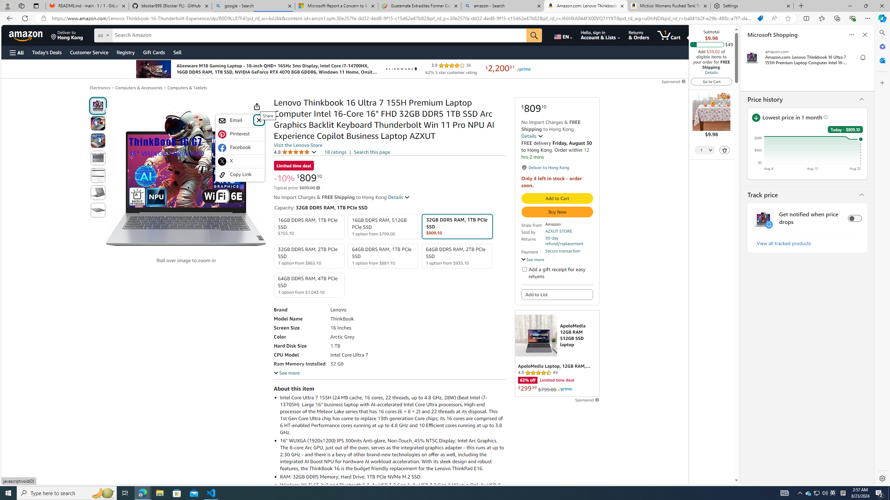 The height and width of the screenshot is (500, 890). Describe the element at coordinates (562, 251) in the screenshot. I see `'Secure transaction'` at that location.